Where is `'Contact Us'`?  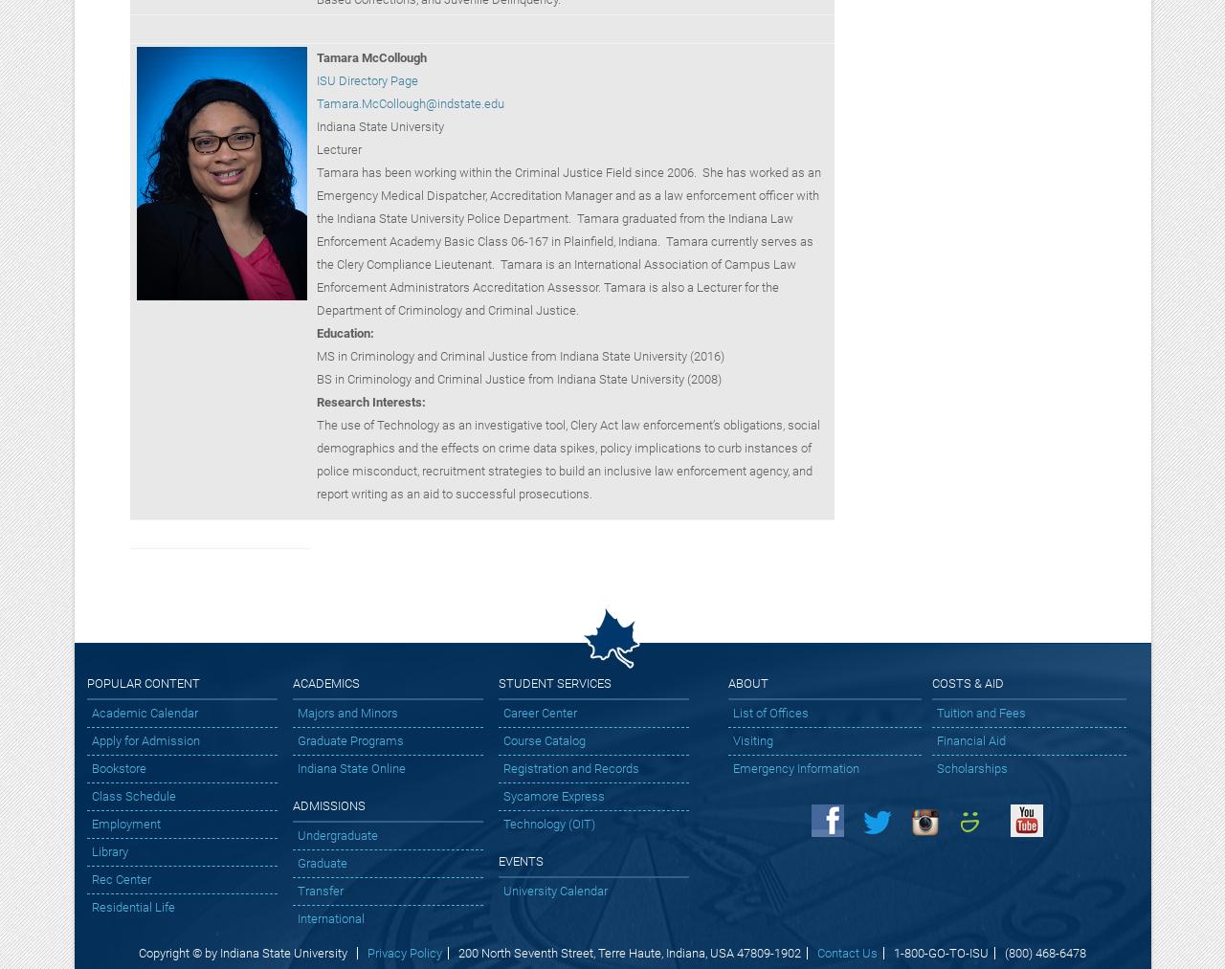 'Contact Us' is located at coordinates (845, 953).